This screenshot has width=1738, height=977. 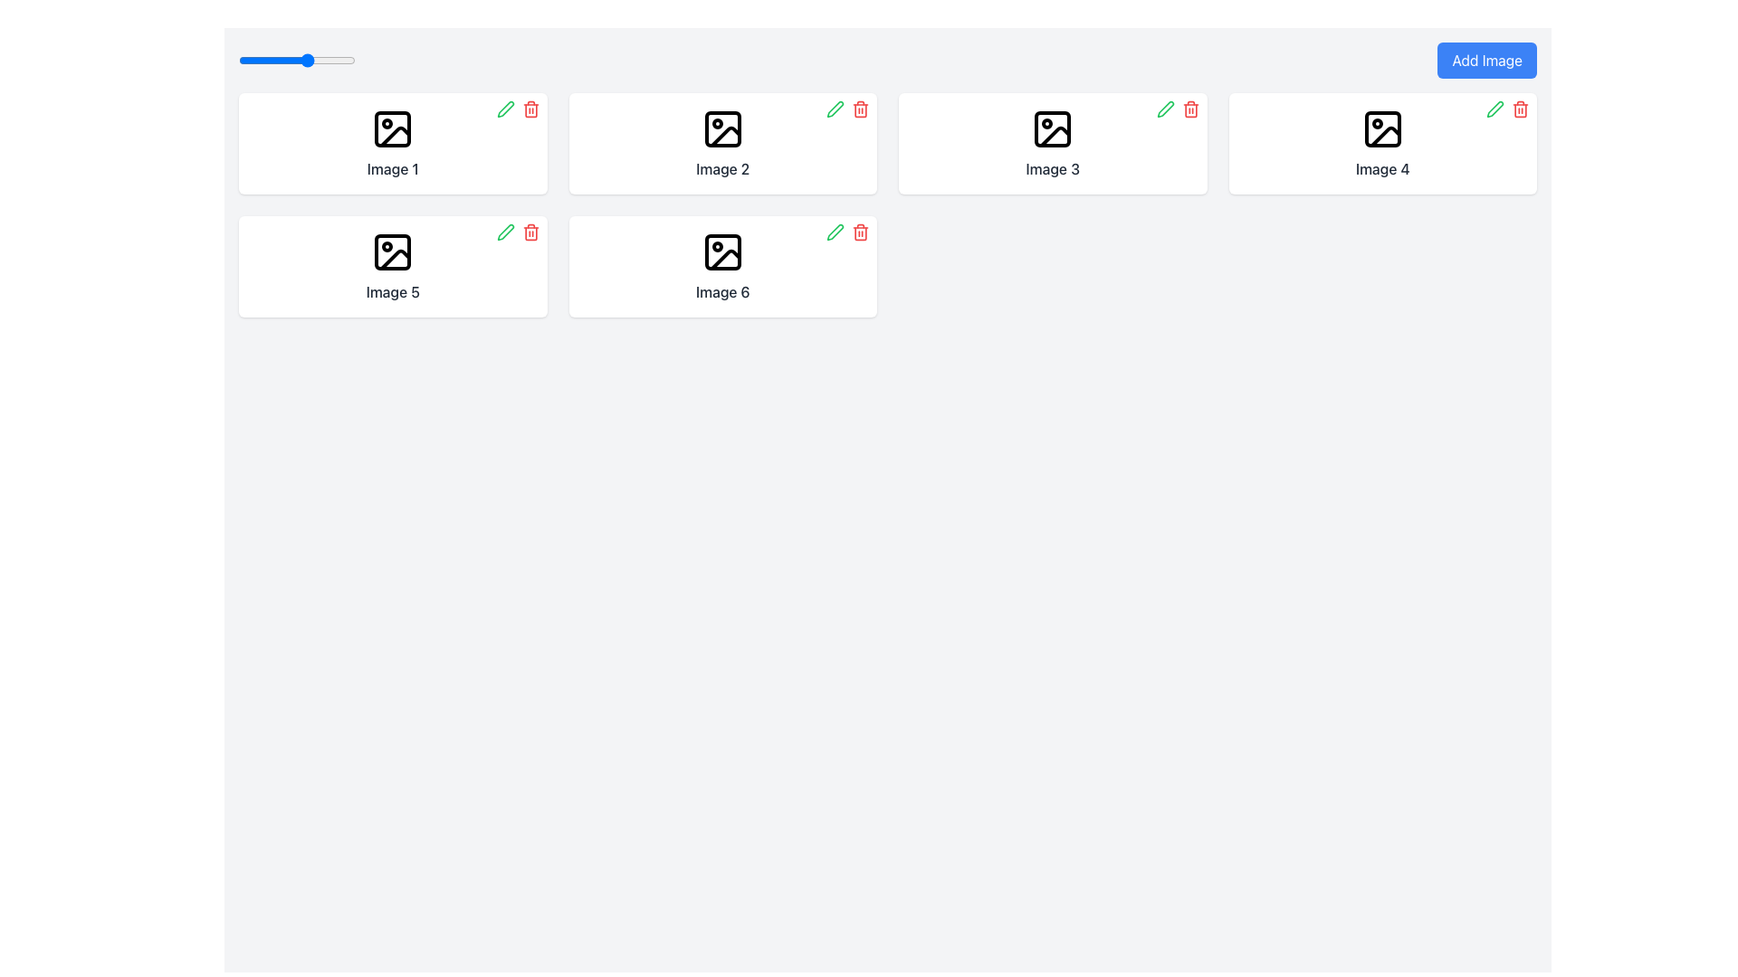 I want to click on text label displaying 'Image 3' located beneath the image placeholder icon in the third cell of the first row in a grid layout, so click(x=1053, y=168).